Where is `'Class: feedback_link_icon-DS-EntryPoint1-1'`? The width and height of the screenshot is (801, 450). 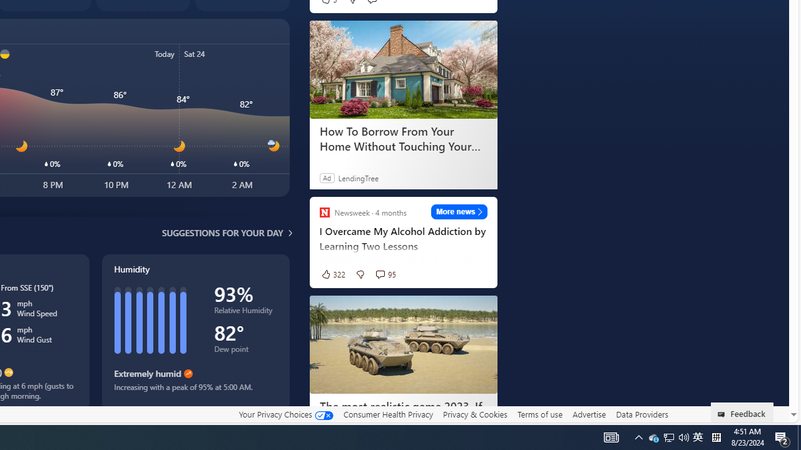
'Class: feedback_link_icon-DS-EntryPoint1-1' is located at coordinates (723, 414).